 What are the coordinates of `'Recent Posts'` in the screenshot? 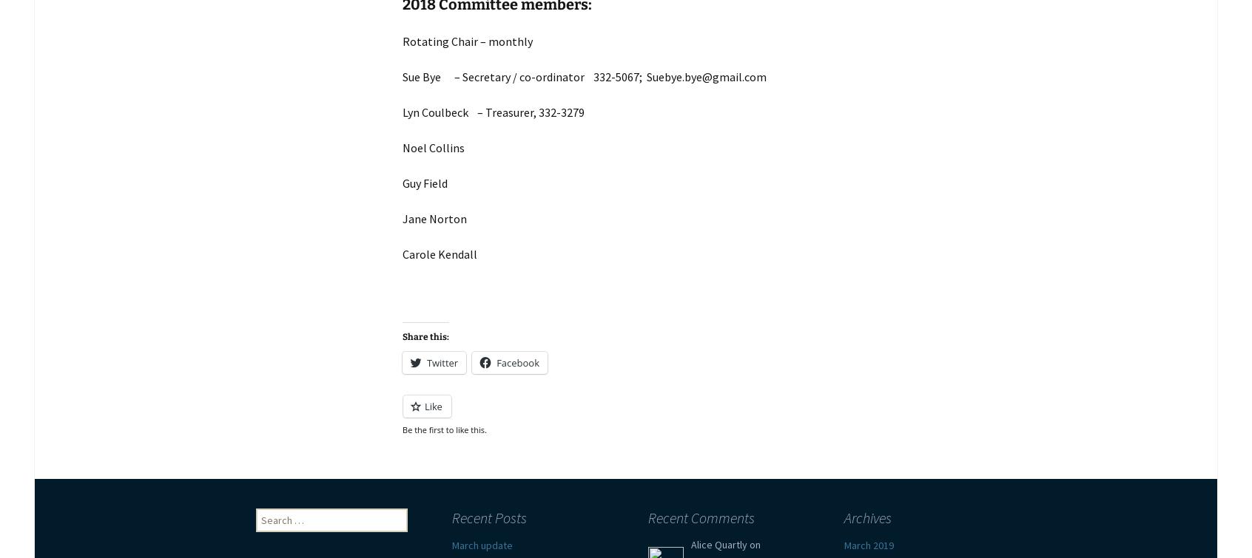 It's located at (489, 516).